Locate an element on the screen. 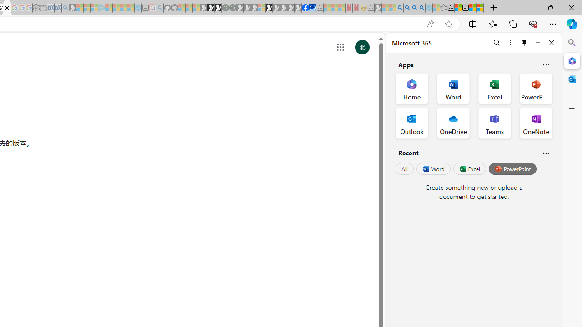 This screenshot has width=582, height=327. 'Play Zoo Boom in your browser | Games from Microsoft Start' is located at coordinates (210, 8).